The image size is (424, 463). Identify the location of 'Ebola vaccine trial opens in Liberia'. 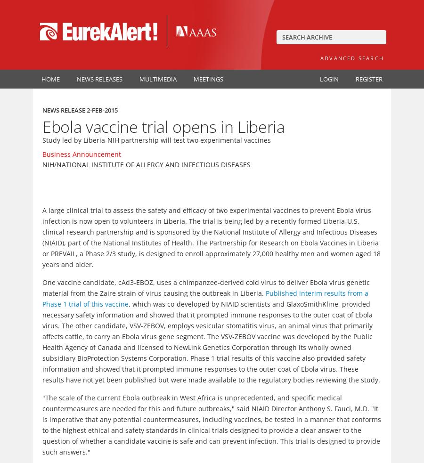
(163, 126).